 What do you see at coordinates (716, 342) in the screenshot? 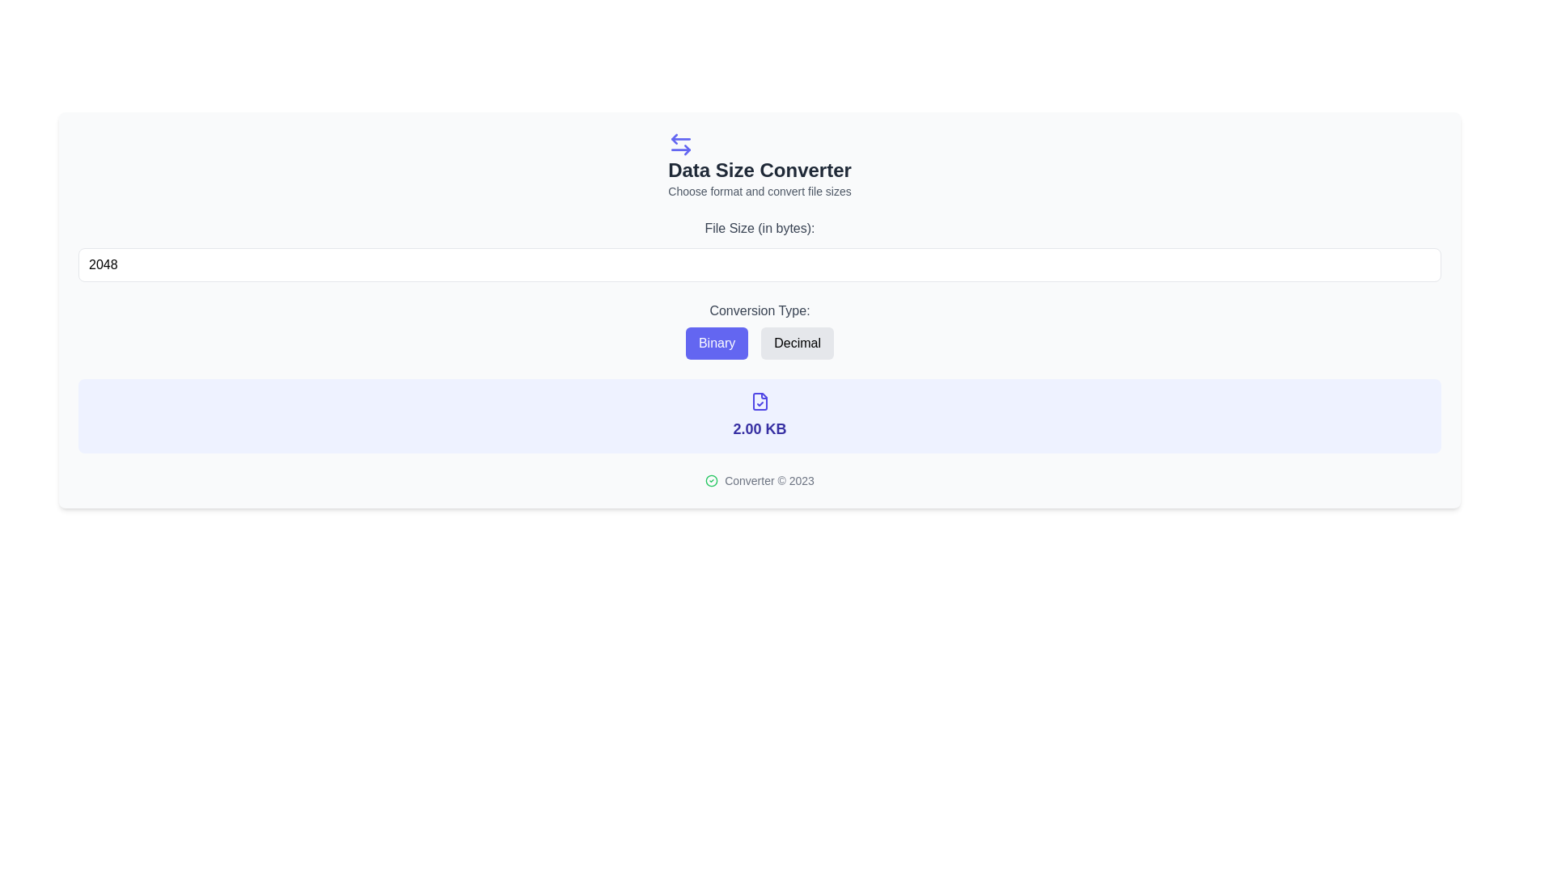
I see `the button labeled 'Binary' with a blue background and white text, which is located under the 'Conversion Type:' label` at bounding box center [716, 342].